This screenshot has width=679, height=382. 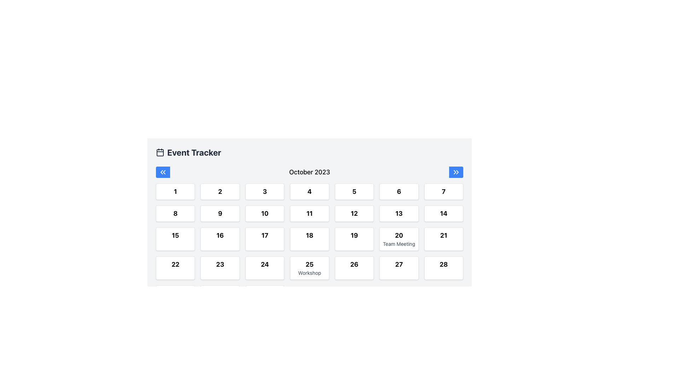 What do you see at coordinates (159, 152) in the screenshot?
I see `the rectangular SVG element that represents a calendar, located to the left of the 'Event Tracker' label` at bounding box center [159, 152].